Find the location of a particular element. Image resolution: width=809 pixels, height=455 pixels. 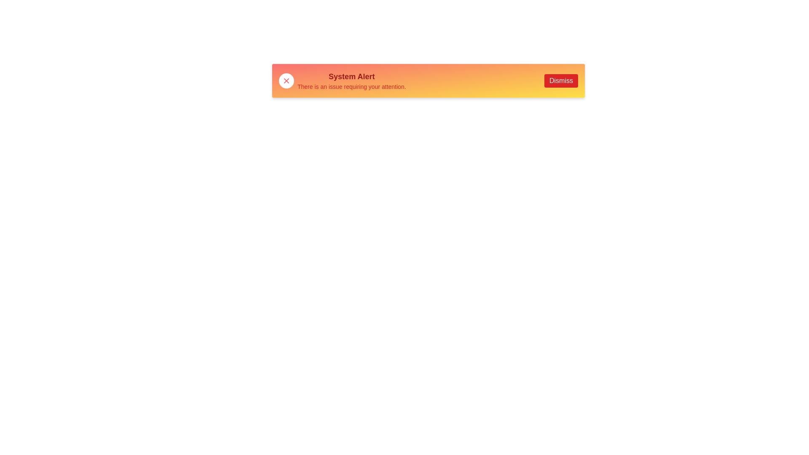

the close button located at the leftmost side of the 'System Alert' box is located at coordinates (287, 81).